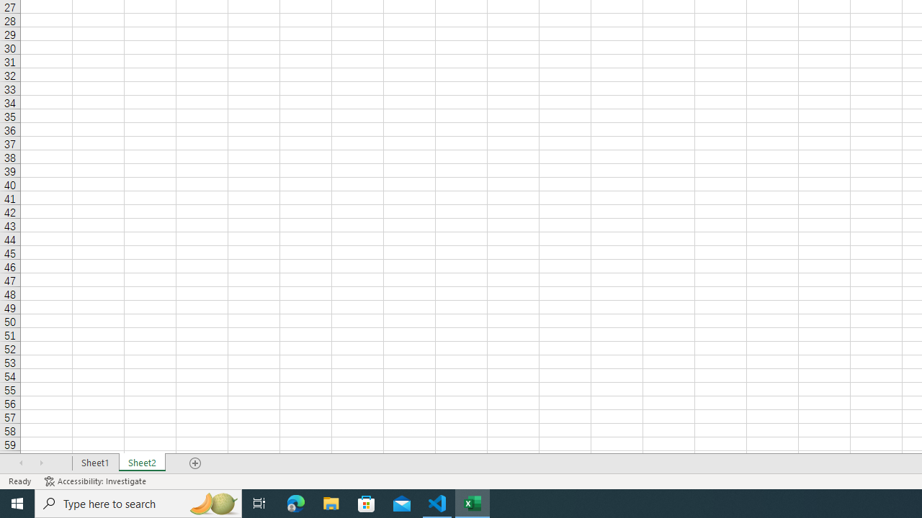 Image resolution: width=922 pixels, height=518 pixels. I want to click on 'File Explorer', so click(331, 502).